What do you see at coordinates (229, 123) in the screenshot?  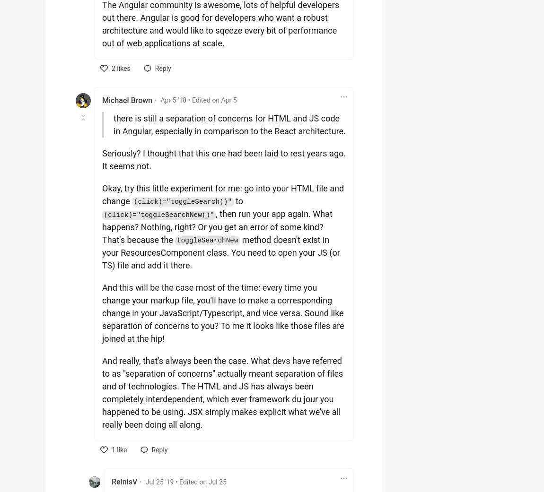 I see `'there is still a separation of concerns for HTML and JS code in Angular, especially in comparison to the React architecture.'` at bounding box center [229, 123].